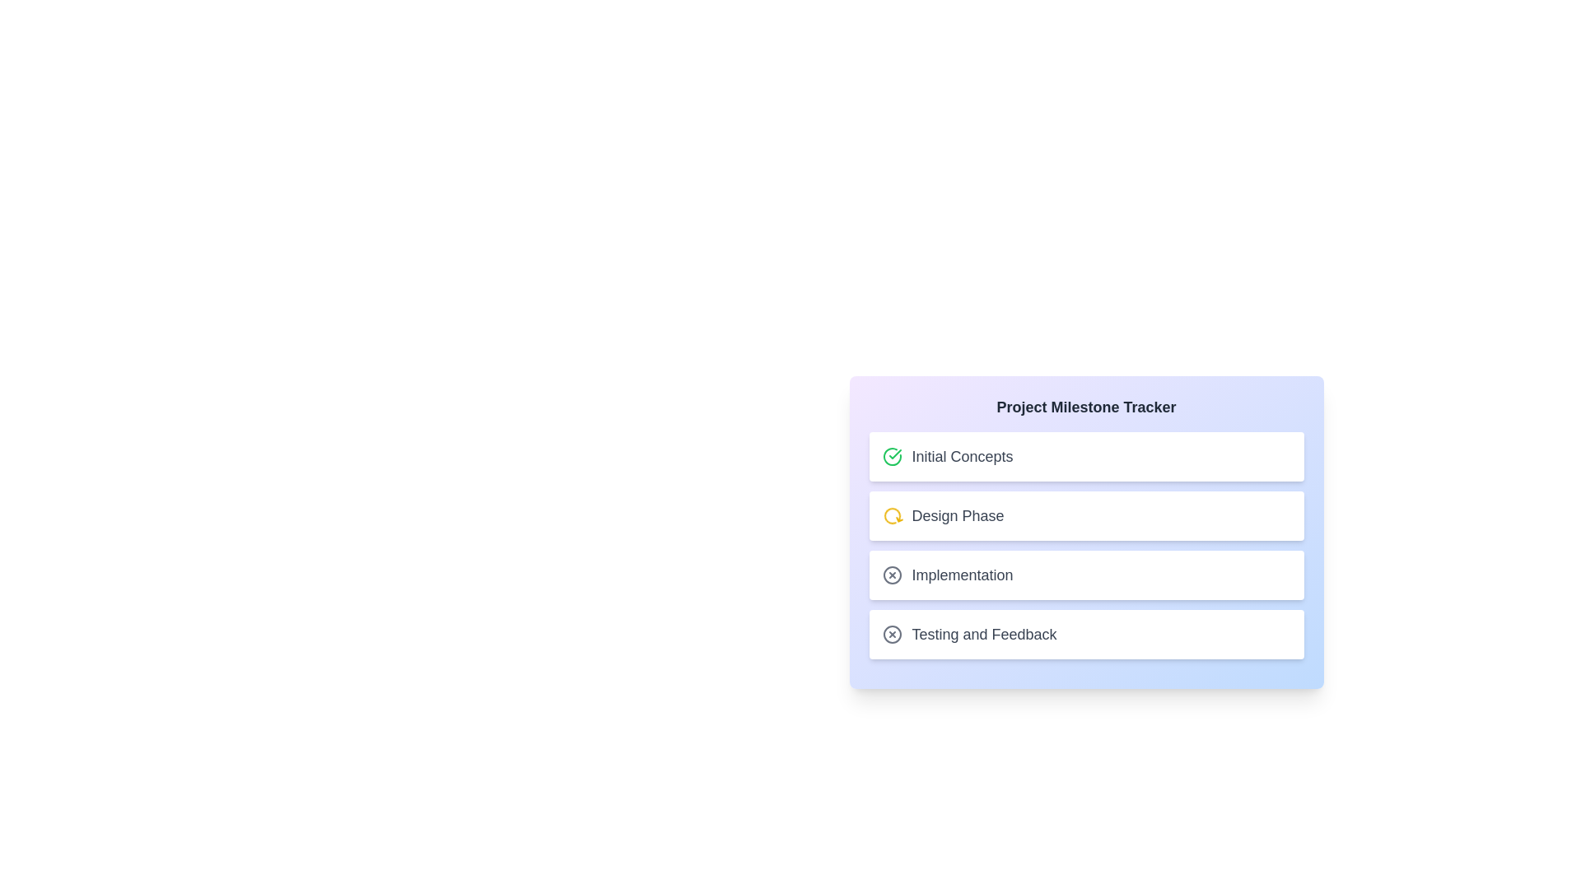 The image size is (1581, 889). What do you see at coordinates (963, 457) in the screenshot?
I see `the Text Label indicating the milestone step 'Initial Concepts' in the Project Milestone Tracker` at bounding box center [963, 457].